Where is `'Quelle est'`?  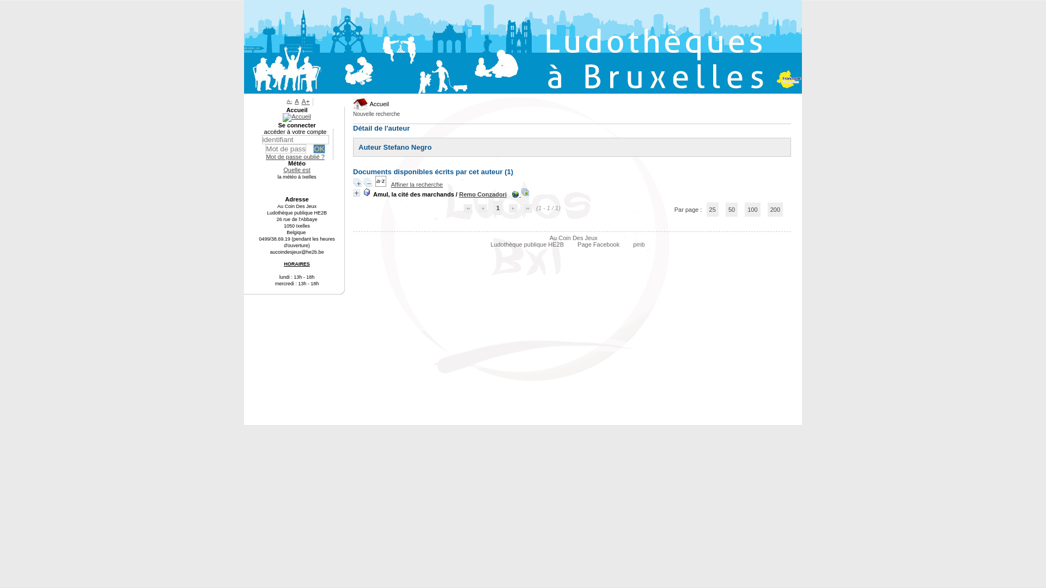 'Quelle est' is located at coordinates (283, 170).